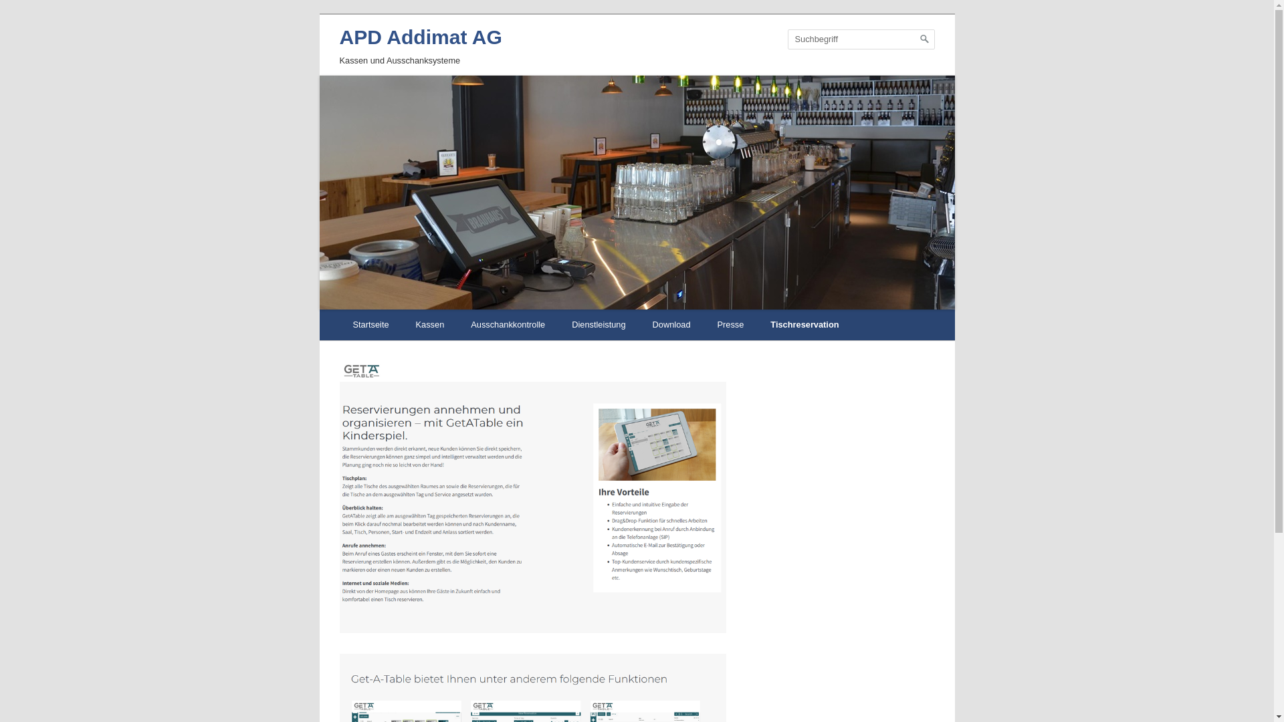 The height and width of the screenshot is (722, 1284). What do you see at coordinates (703, 325) in the screenshot?
I see `'Presse'` at bounding box center [703, 325].